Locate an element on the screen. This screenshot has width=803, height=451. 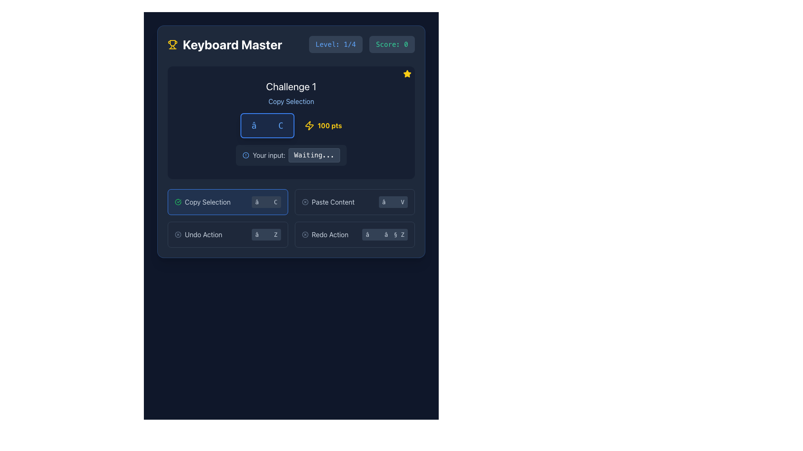
the yellow trophy icon located prominently in the top-left corner of the user interface, adjacent to the title 'Keyboard Master' is located at coordinates (172, 43).